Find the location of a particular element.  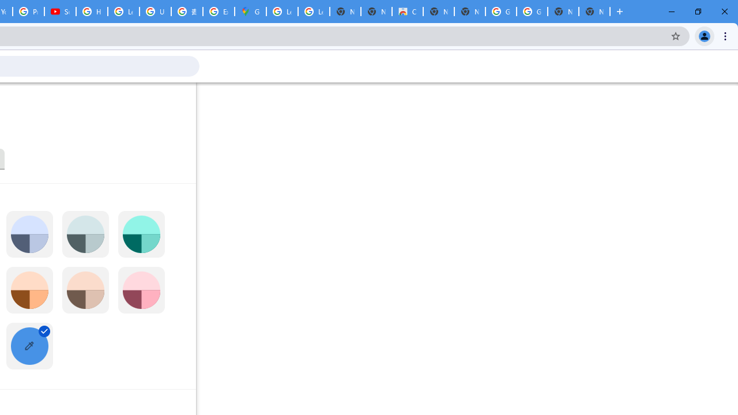

'How Chrome protects your passwords - Google Chrome Help' is located at coordinates (91, 12).